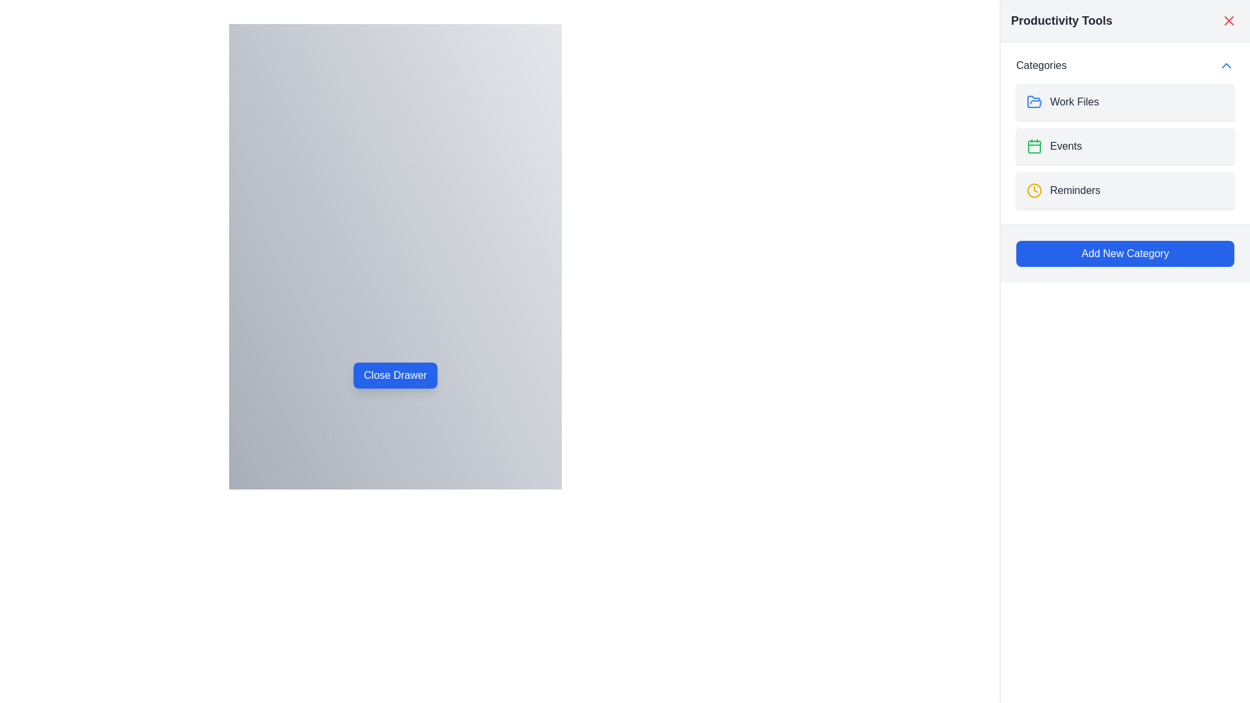  What do you see at coordinates (1033, 101) in the screenshot?
I see `the 'Work Files' category icon in the right-hand sidebar to trigger the tooltip` at bounding box center [1033, 101].